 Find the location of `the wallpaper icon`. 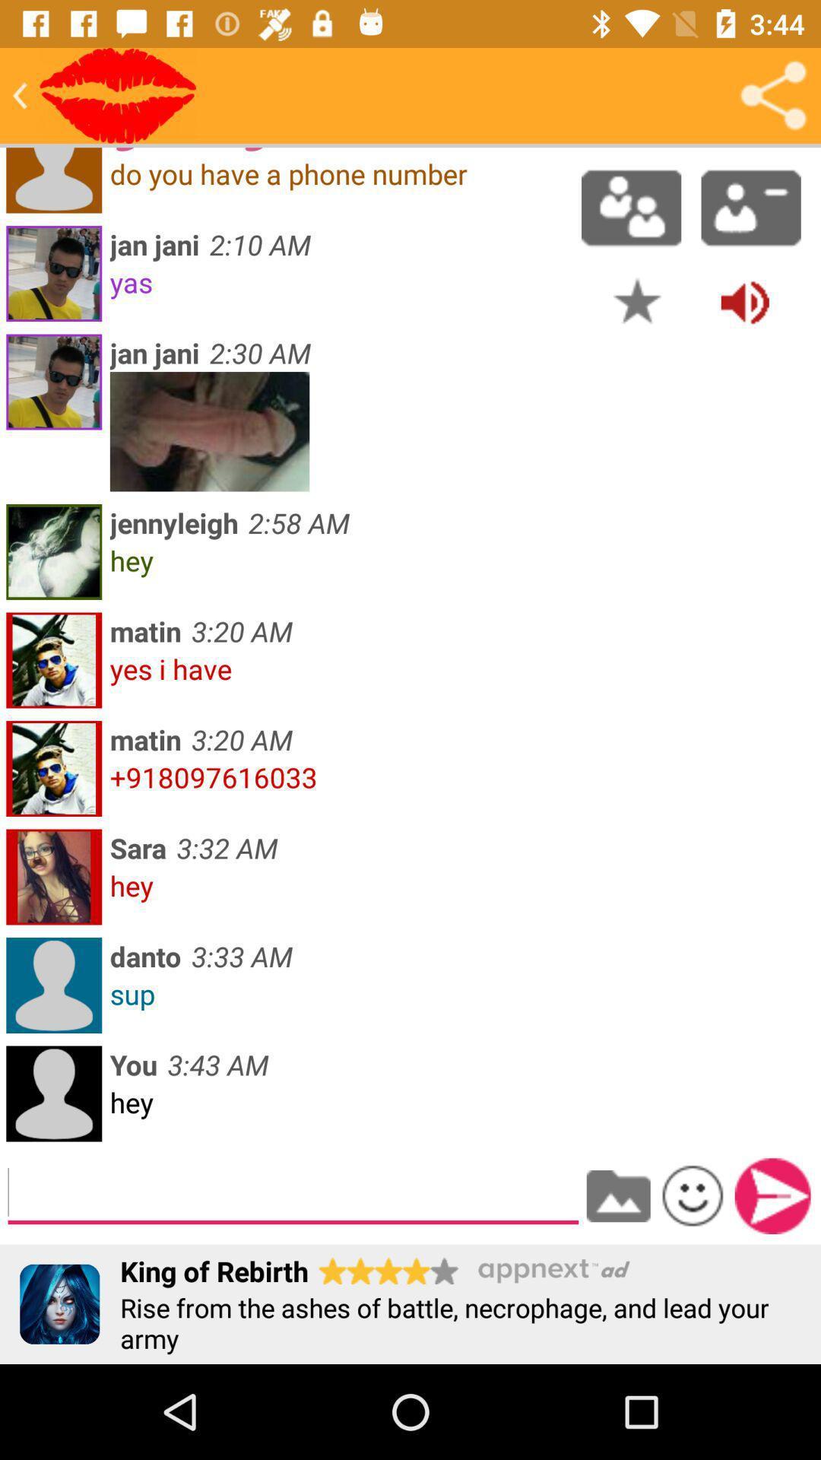

the wallpaper icon is located at coordinates (618, 1195).